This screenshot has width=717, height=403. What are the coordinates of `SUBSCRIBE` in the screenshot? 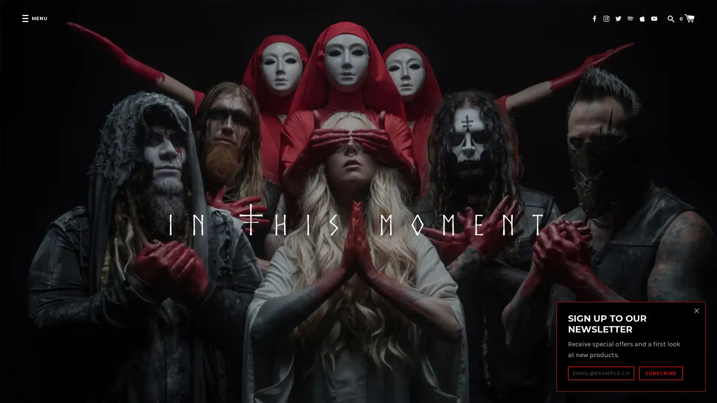 It's located at (661, 373).